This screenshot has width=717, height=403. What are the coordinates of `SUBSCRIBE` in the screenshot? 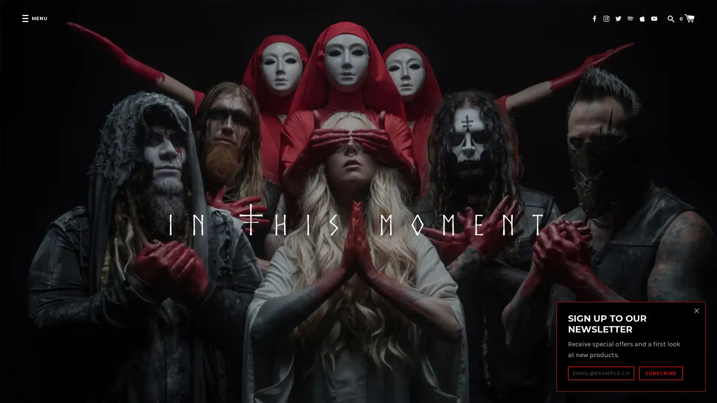 It's located at (661, 373).